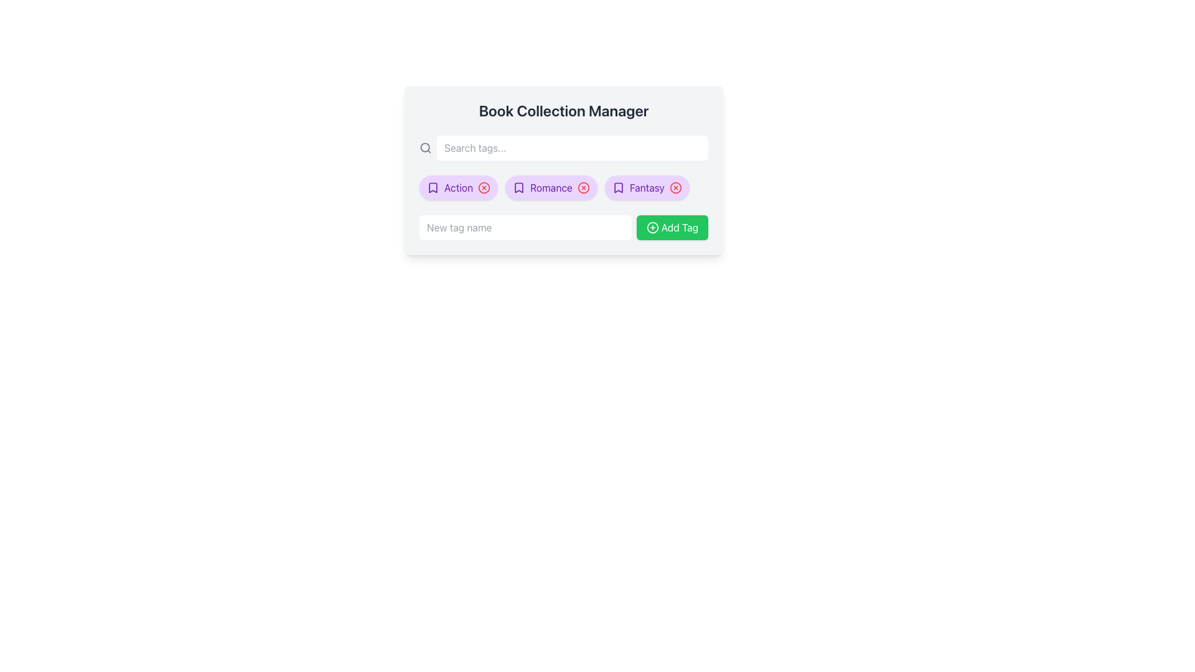 Image resolution: width=1195 pixels, height=672 pixels. I want to click on the 'Romance' genre tag, which is a selectable label within a horizontal layout of tags, so click(550, 187).